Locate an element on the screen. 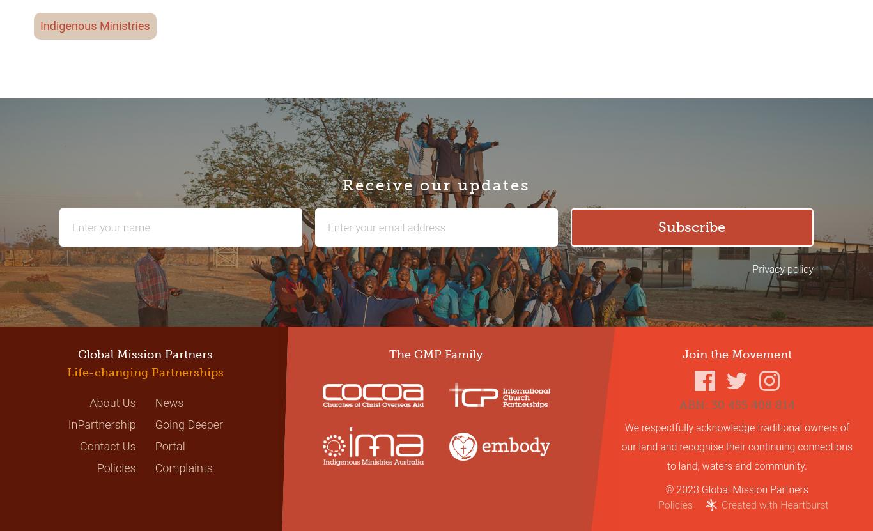  'Life-changing Partnerships' is located at coordinates (144, 373).